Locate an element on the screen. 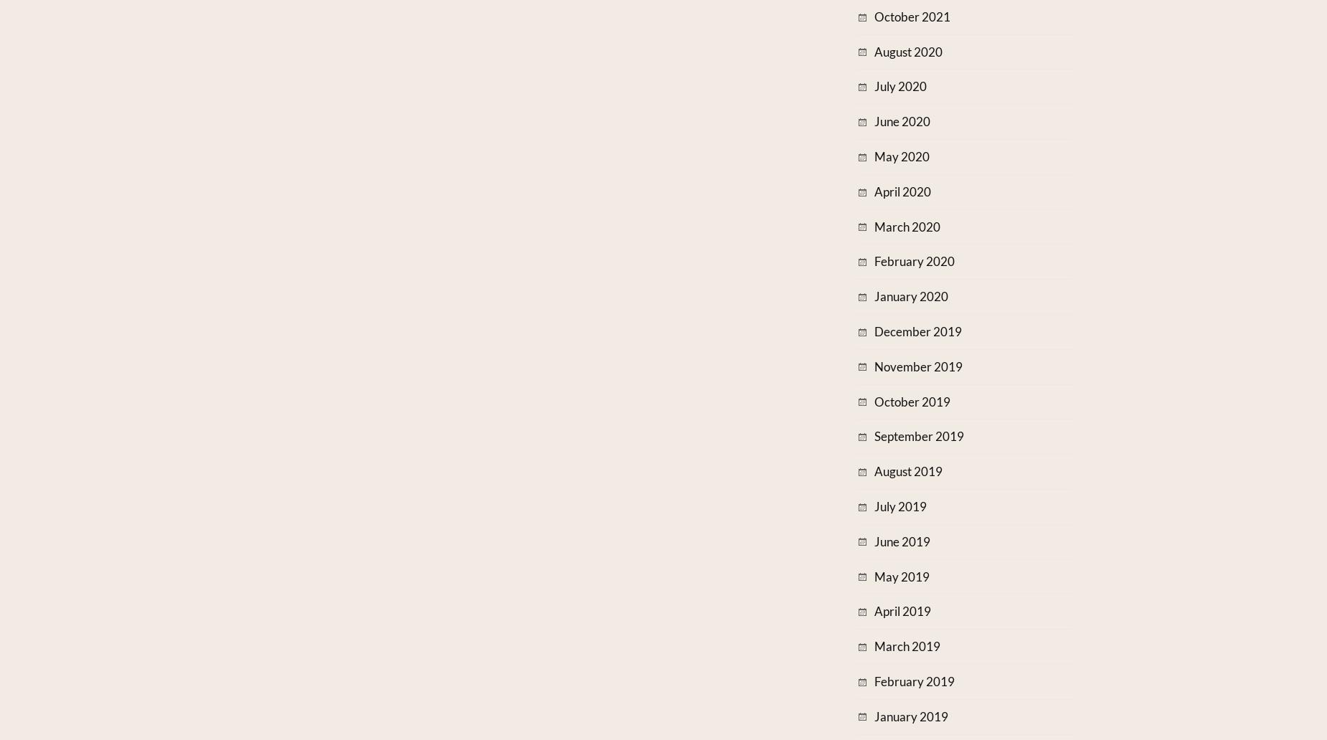 This screenshot has height=740, width=1327. 'August 2019' is located at coordinates (907, 470).